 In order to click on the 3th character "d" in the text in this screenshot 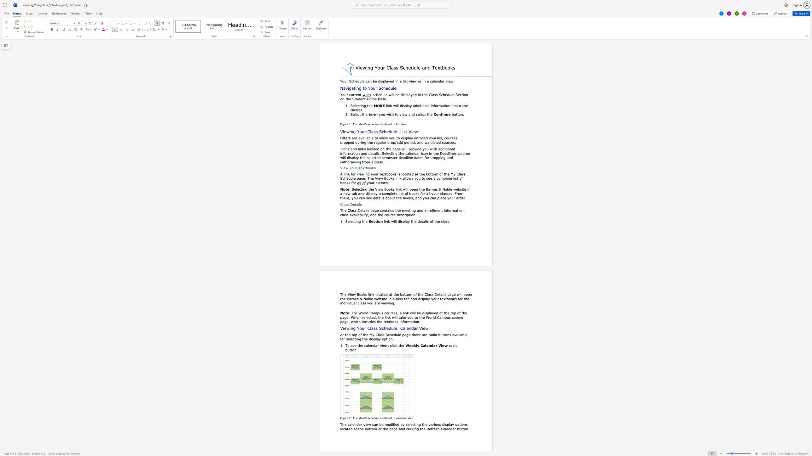, I will do `click(415, 94)`.